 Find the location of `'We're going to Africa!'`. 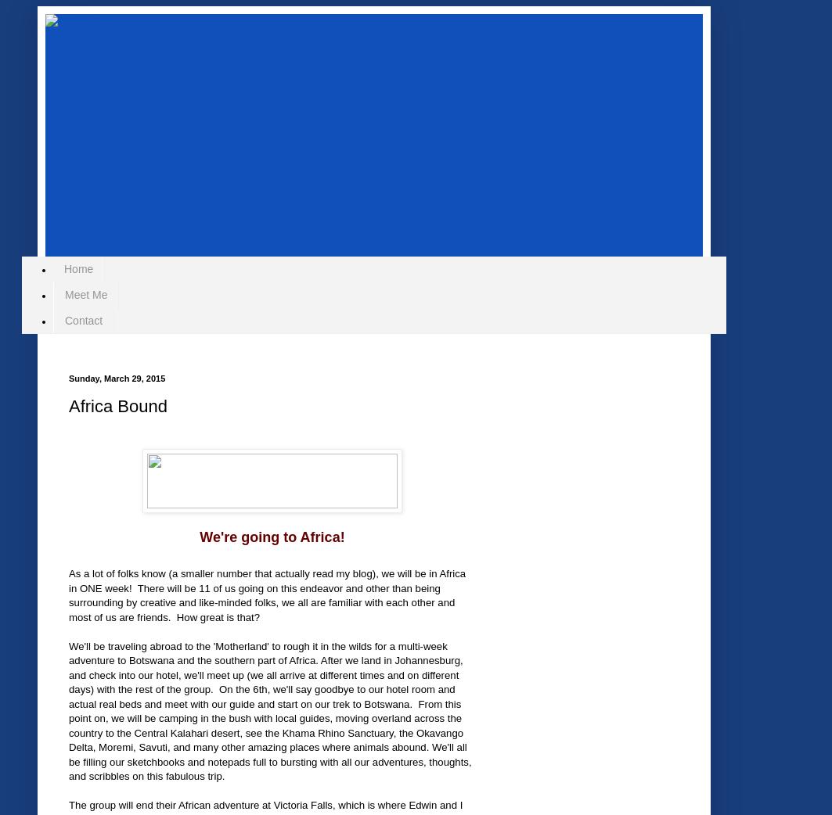

'We're going to Africa!' is located at coordinates (272, 536).